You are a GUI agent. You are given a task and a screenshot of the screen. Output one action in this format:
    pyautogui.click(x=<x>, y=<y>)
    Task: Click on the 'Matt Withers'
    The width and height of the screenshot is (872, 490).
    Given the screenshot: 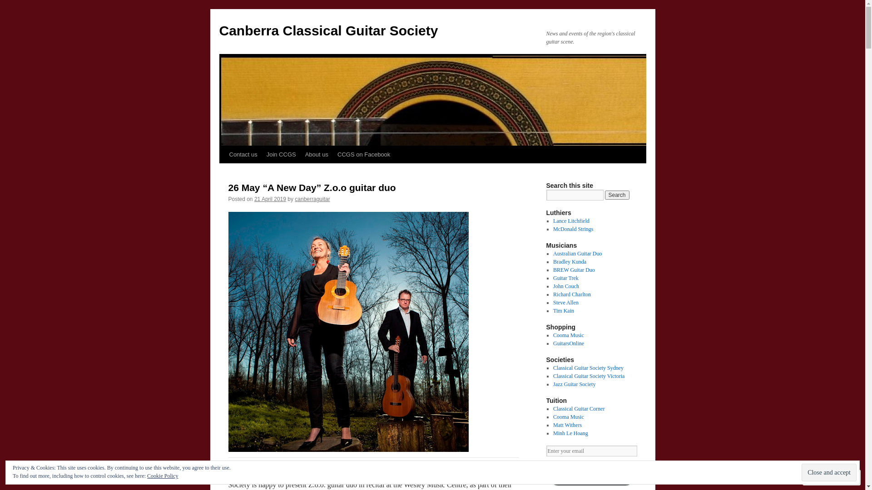 What is the action you would take?
    pyautogui.click(x=567, y=425)
    